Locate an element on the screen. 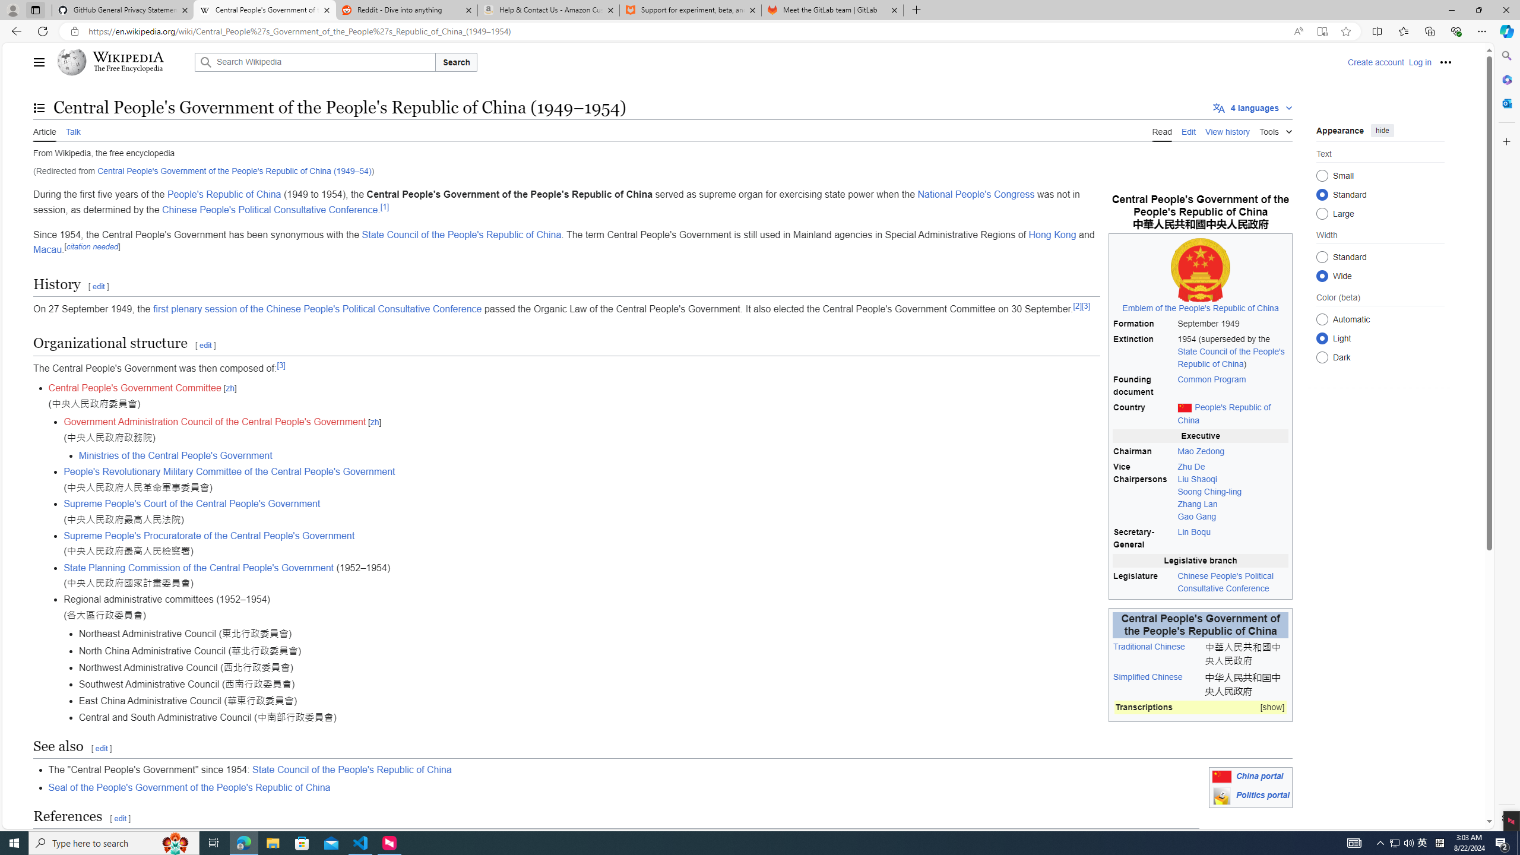 This screenshot has width=1520, height=855. 'Small' is located at coordinates (1322, 175).